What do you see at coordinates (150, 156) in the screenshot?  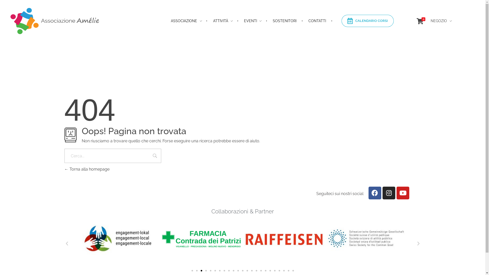 I see `'Cerca'` at bounding box center [150, 156].